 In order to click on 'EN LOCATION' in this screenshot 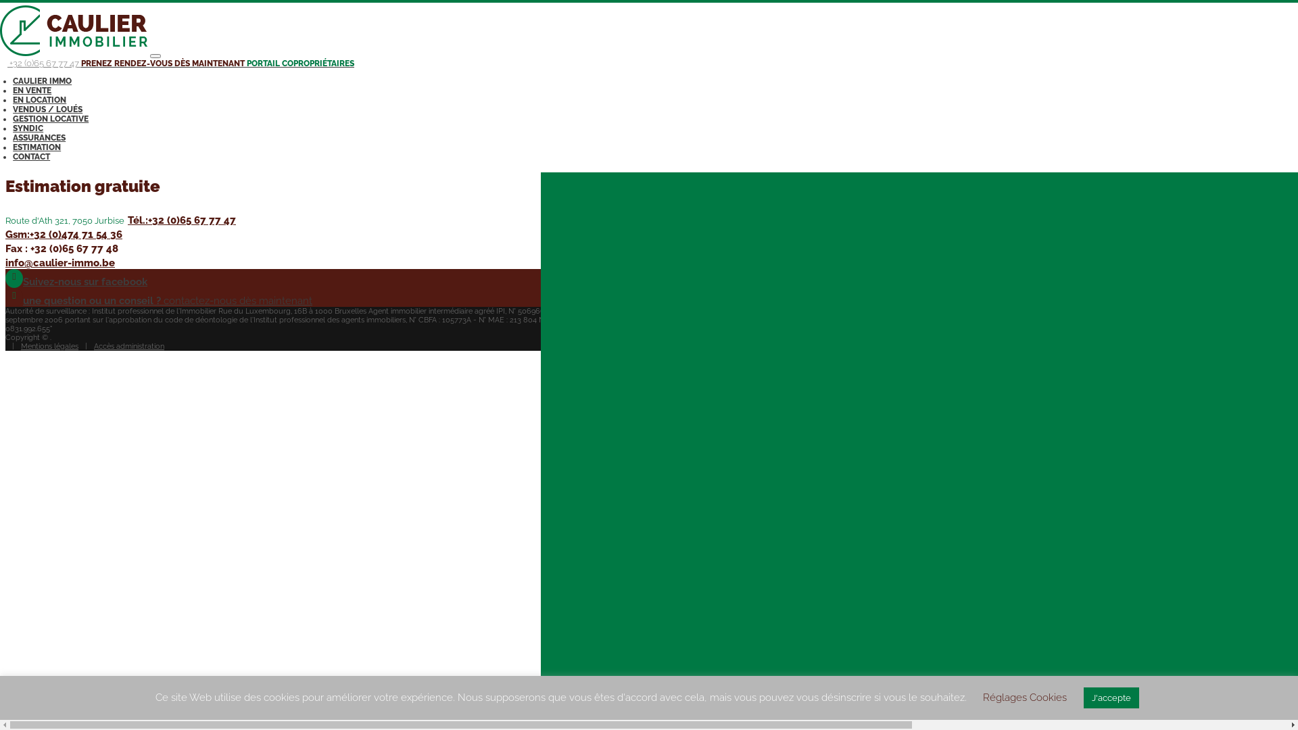, I will do `click(39, 99)`.